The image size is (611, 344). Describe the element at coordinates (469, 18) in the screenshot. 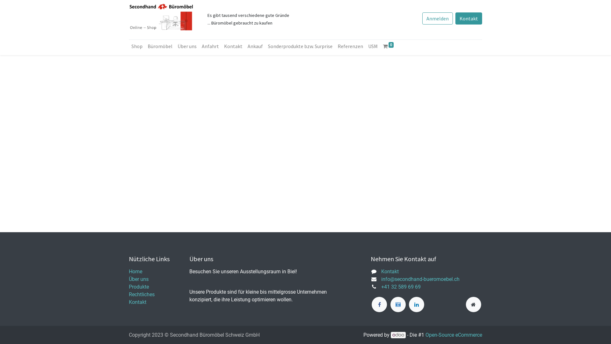

I see `'Kontakt'` at that location.